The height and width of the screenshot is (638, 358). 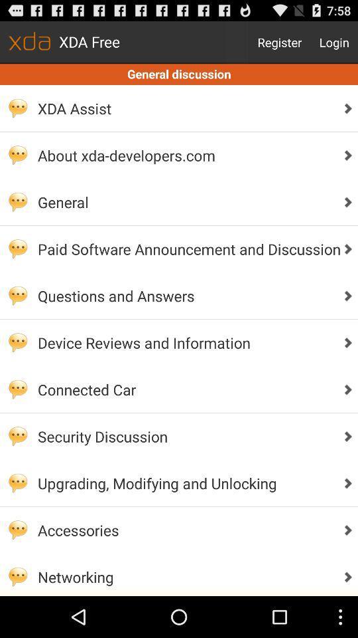 I want to click on paid software announcement app, so click(x=185, y=248).